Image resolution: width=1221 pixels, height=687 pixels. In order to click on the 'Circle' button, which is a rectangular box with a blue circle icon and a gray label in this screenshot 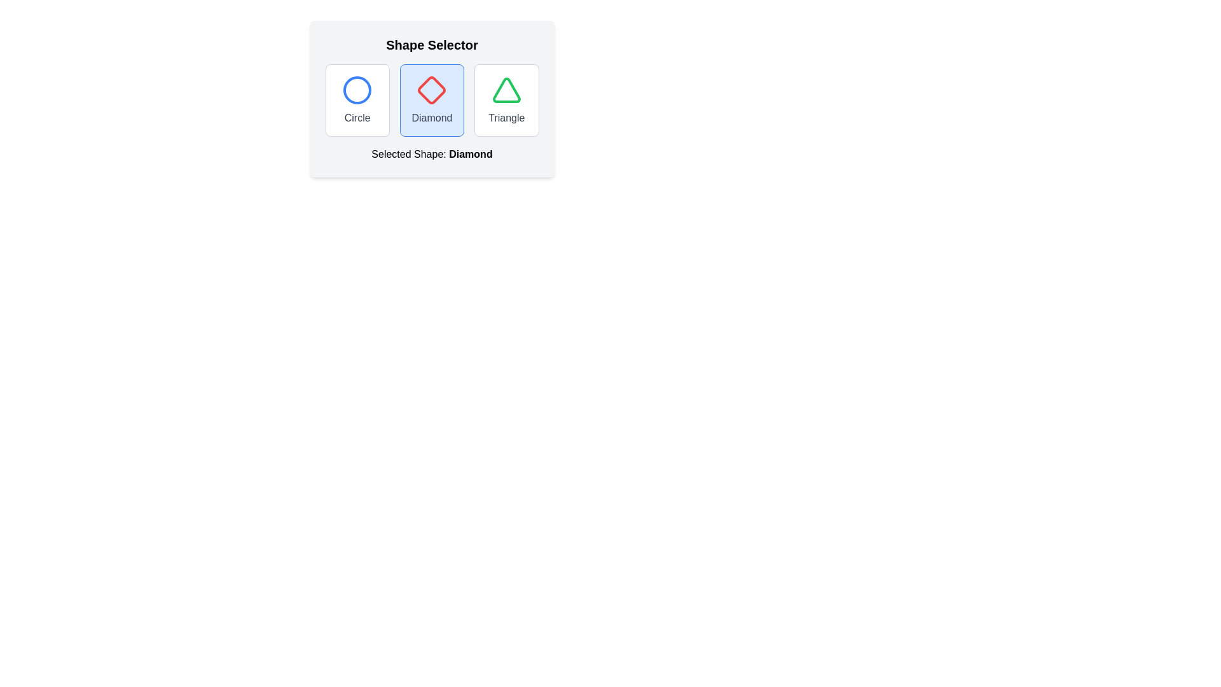, I will do `click(357, 100)`.